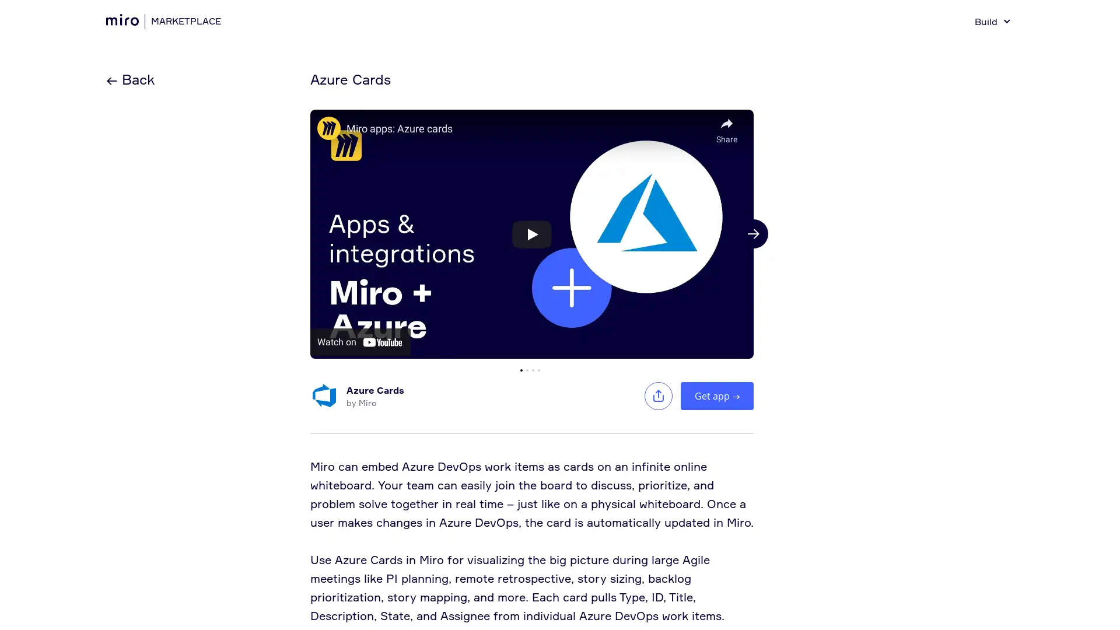  I want to click on Go to slide 3, so click(532, 369).